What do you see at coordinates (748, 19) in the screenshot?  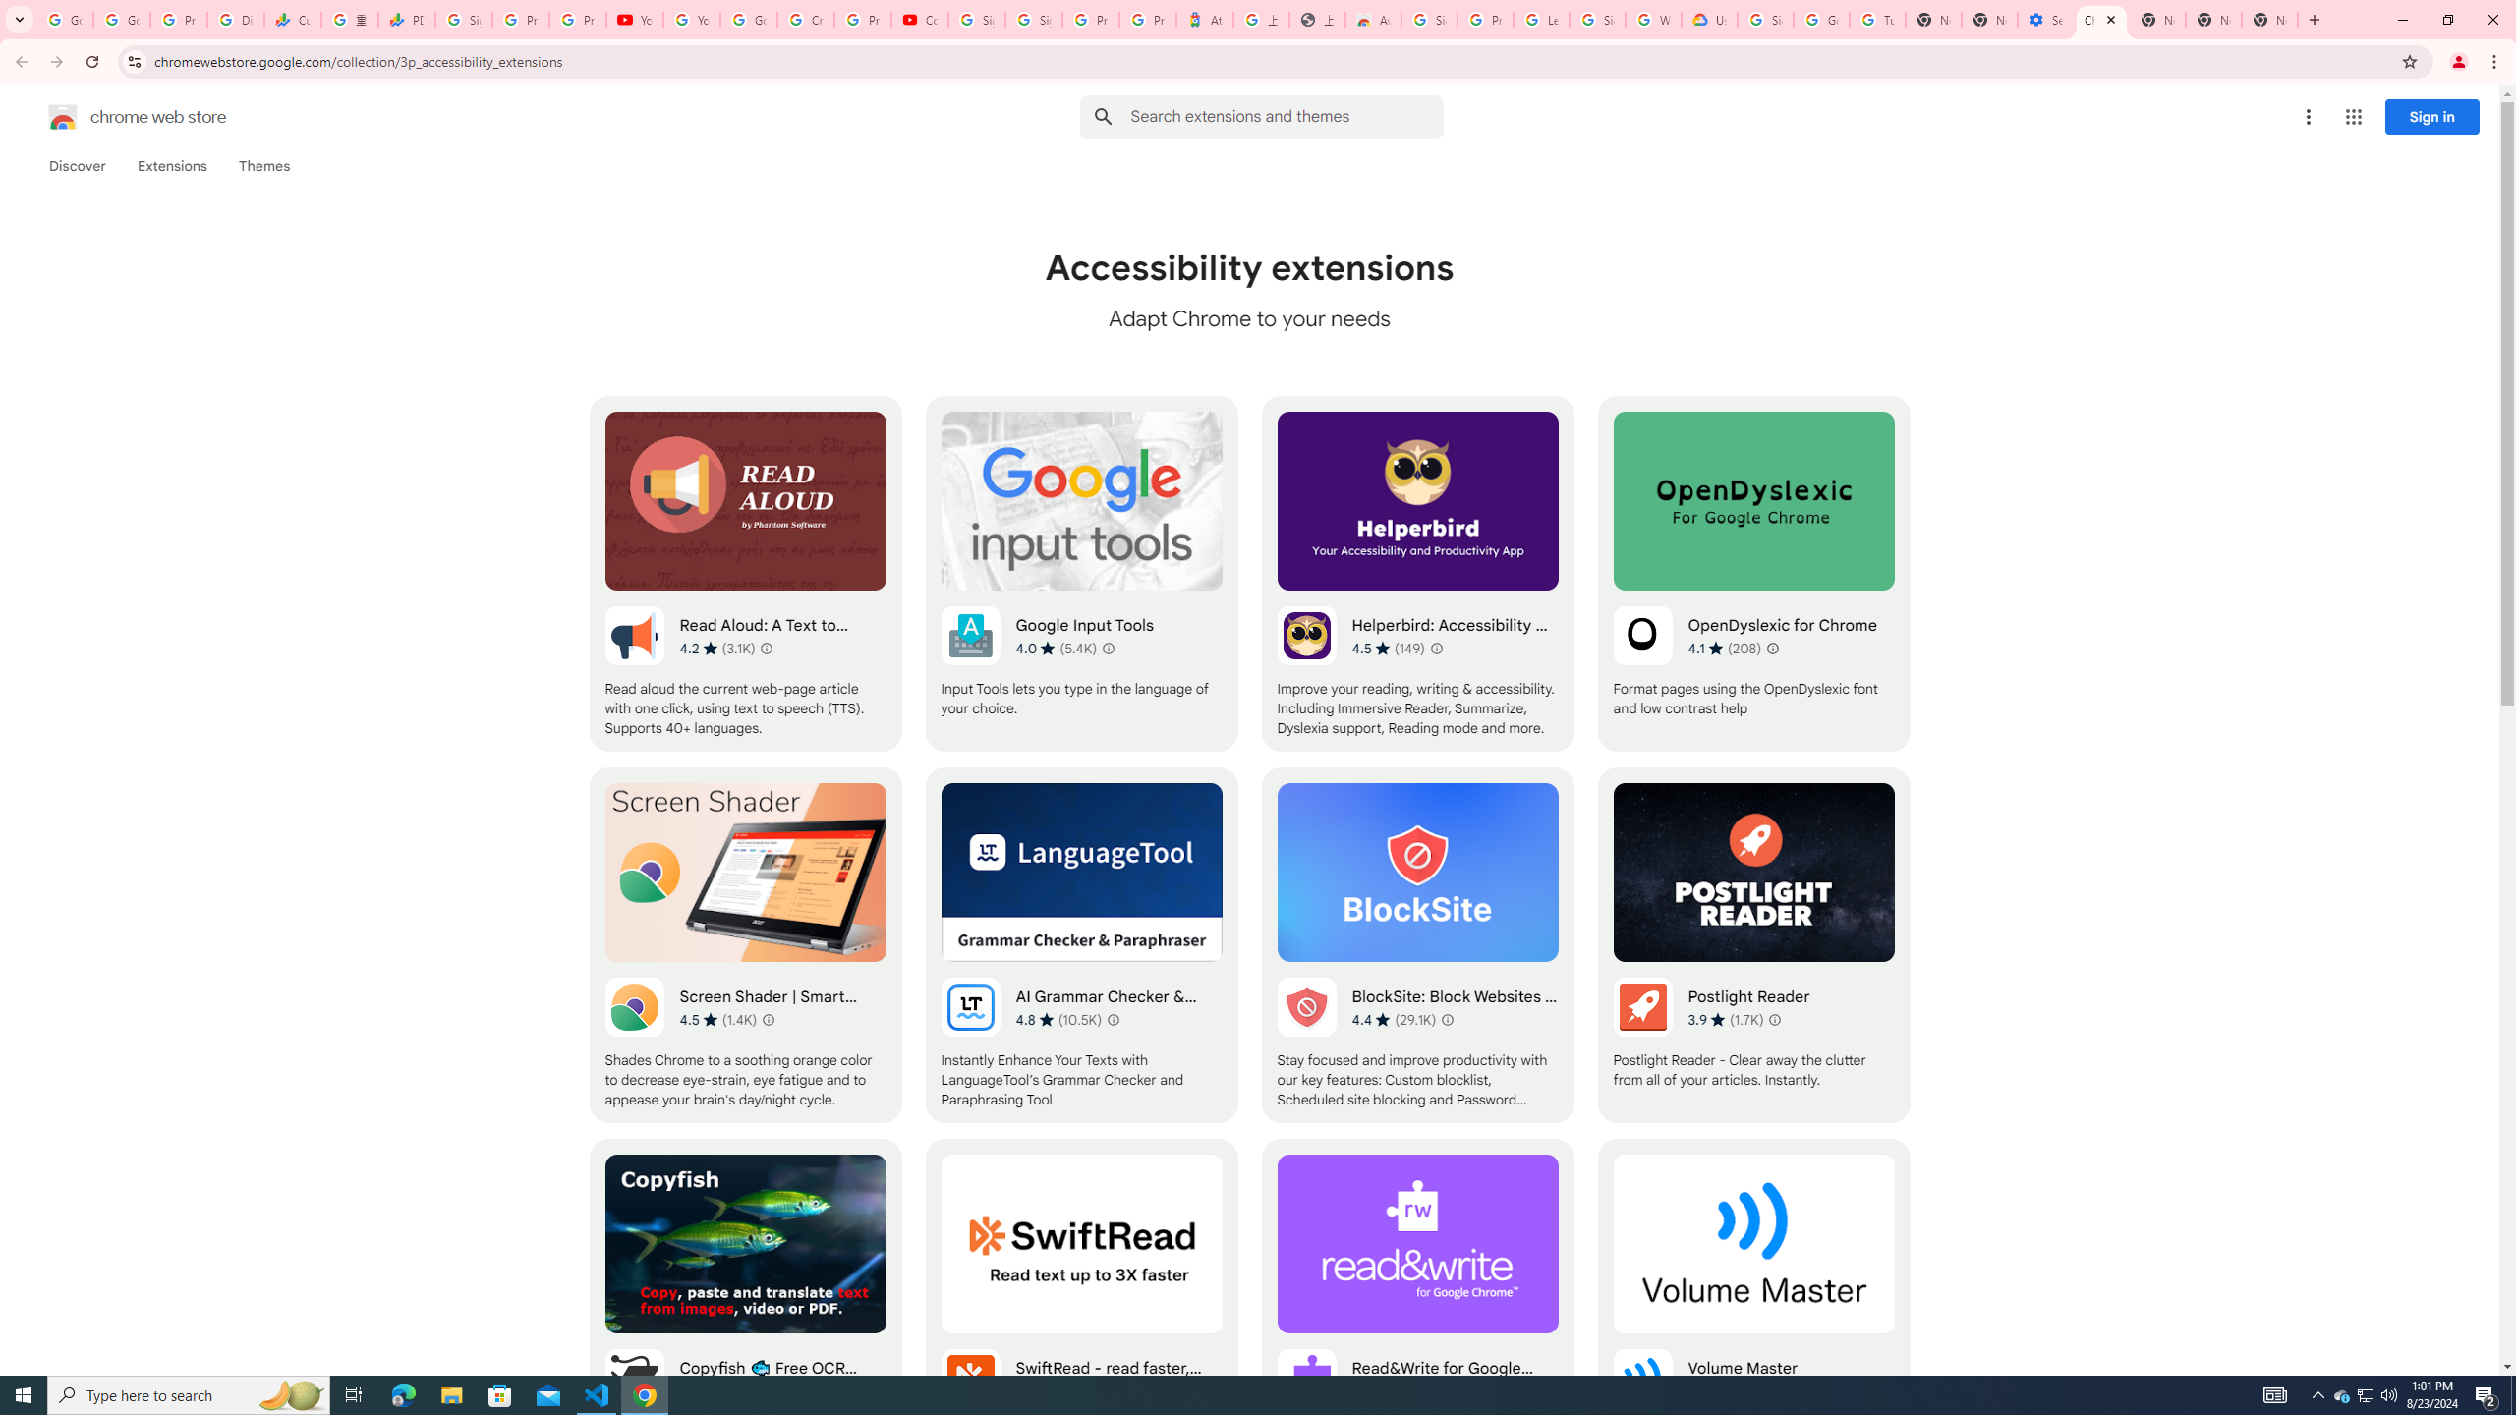 I see `'Google Account Help'` at bounding box center [748, 19].